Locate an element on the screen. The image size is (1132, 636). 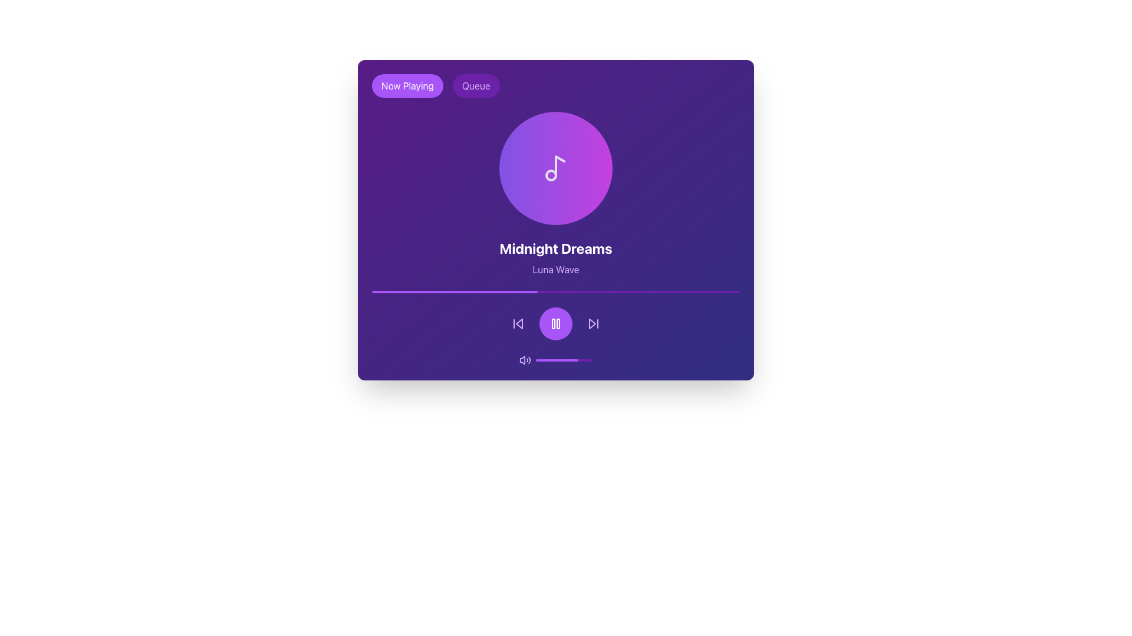
the pause icon located at the bottom center of the card layout is located at coordinates (555, 324).